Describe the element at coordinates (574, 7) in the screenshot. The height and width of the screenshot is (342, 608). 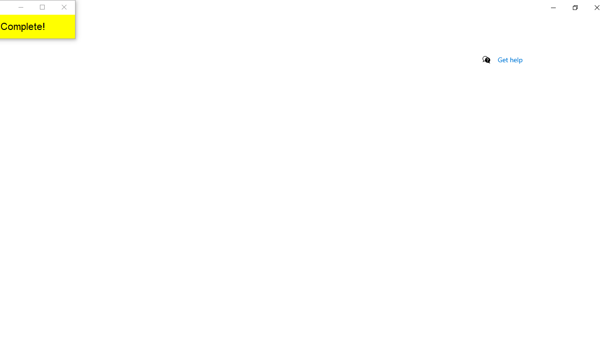
I see `'Restore Settings'` at that location.